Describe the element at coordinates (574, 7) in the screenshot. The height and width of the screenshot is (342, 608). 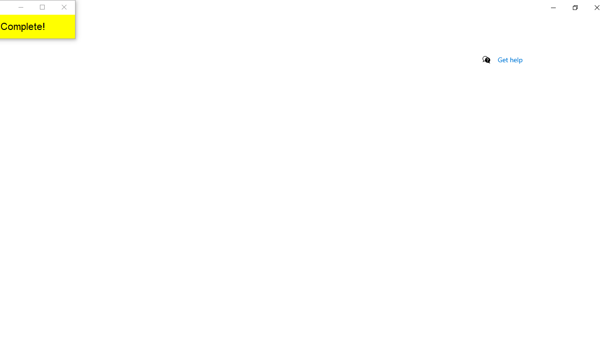
I see `'Restore Settings'` at that location.